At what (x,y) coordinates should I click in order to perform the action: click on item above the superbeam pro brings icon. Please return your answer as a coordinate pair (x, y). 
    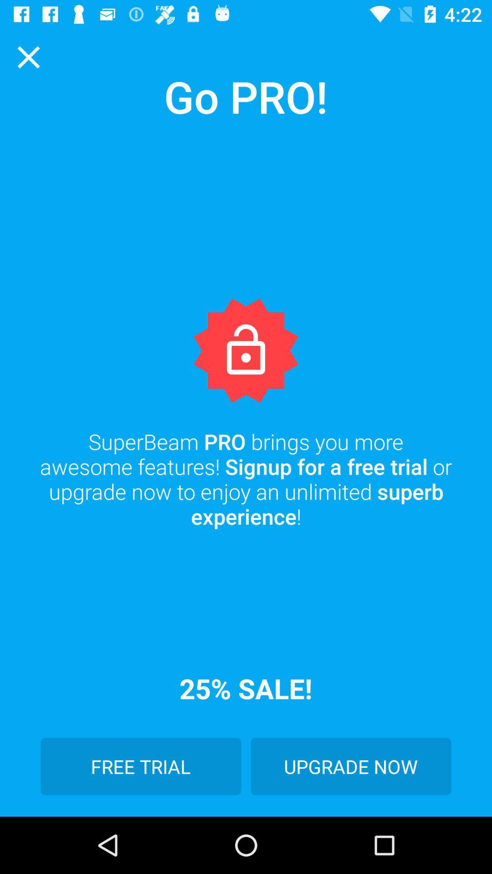
    Looking at the image, I should click on (28, 56).